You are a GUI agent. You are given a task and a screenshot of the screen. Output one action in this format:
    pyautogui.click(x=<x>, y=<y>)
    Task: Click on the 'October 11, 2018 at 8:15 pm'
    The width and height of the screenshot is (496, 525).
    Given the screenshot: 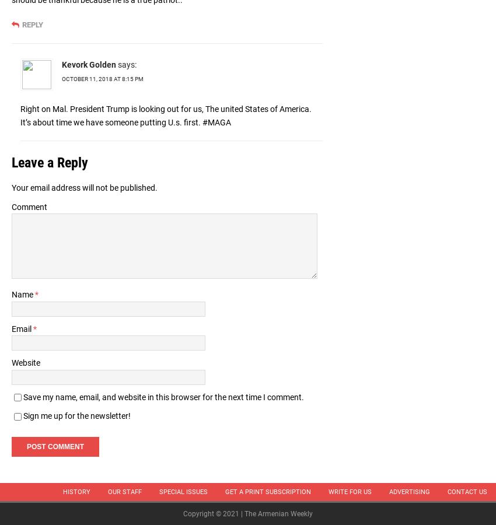 What is the action you would take?
    pyautogui.click(x=102, y=78)
    